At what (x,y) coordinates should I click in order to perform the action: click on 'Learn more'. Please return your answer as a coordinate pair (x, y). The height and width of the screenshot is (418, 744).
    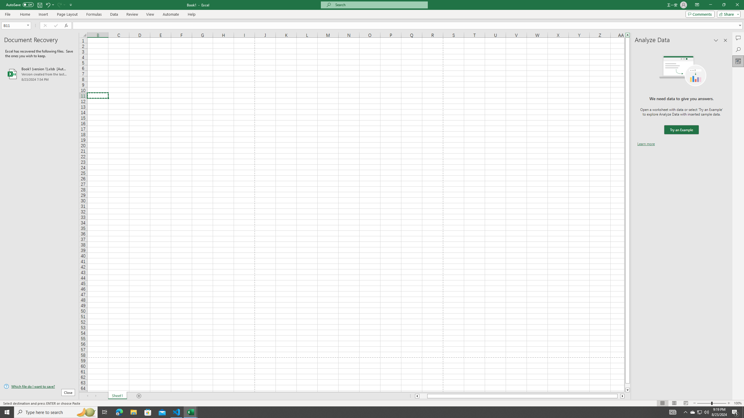
    Looking at the image, I should click on (646, 143).